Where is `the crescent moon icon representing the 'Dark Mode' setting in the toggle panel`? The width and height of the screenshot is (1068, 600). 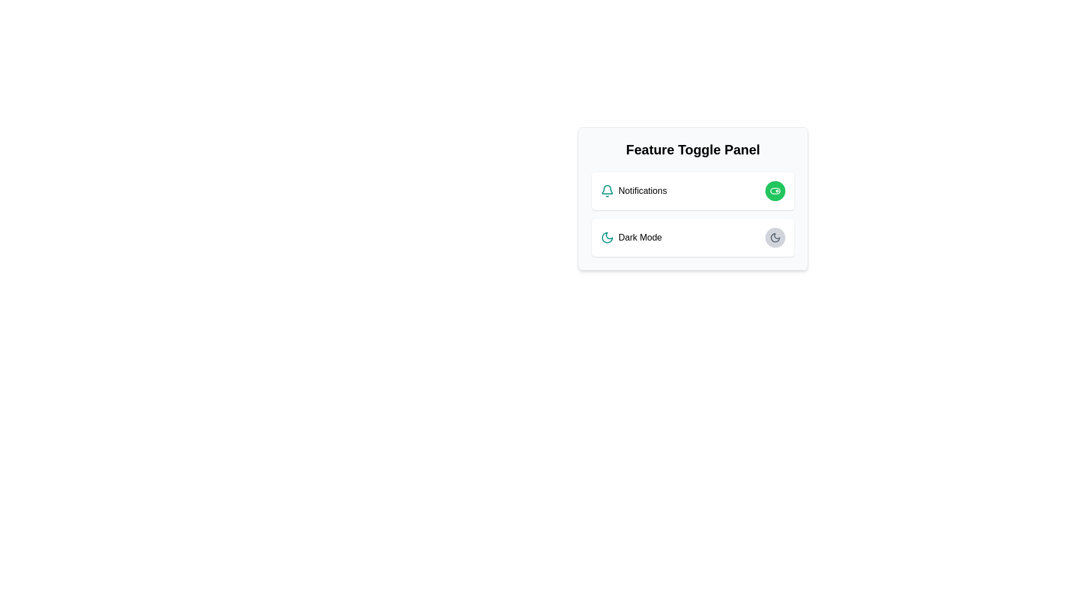
the crescent moon icon representing the 'Dark Mode' setting in the toggle panel is located at coordinates (774, 237).